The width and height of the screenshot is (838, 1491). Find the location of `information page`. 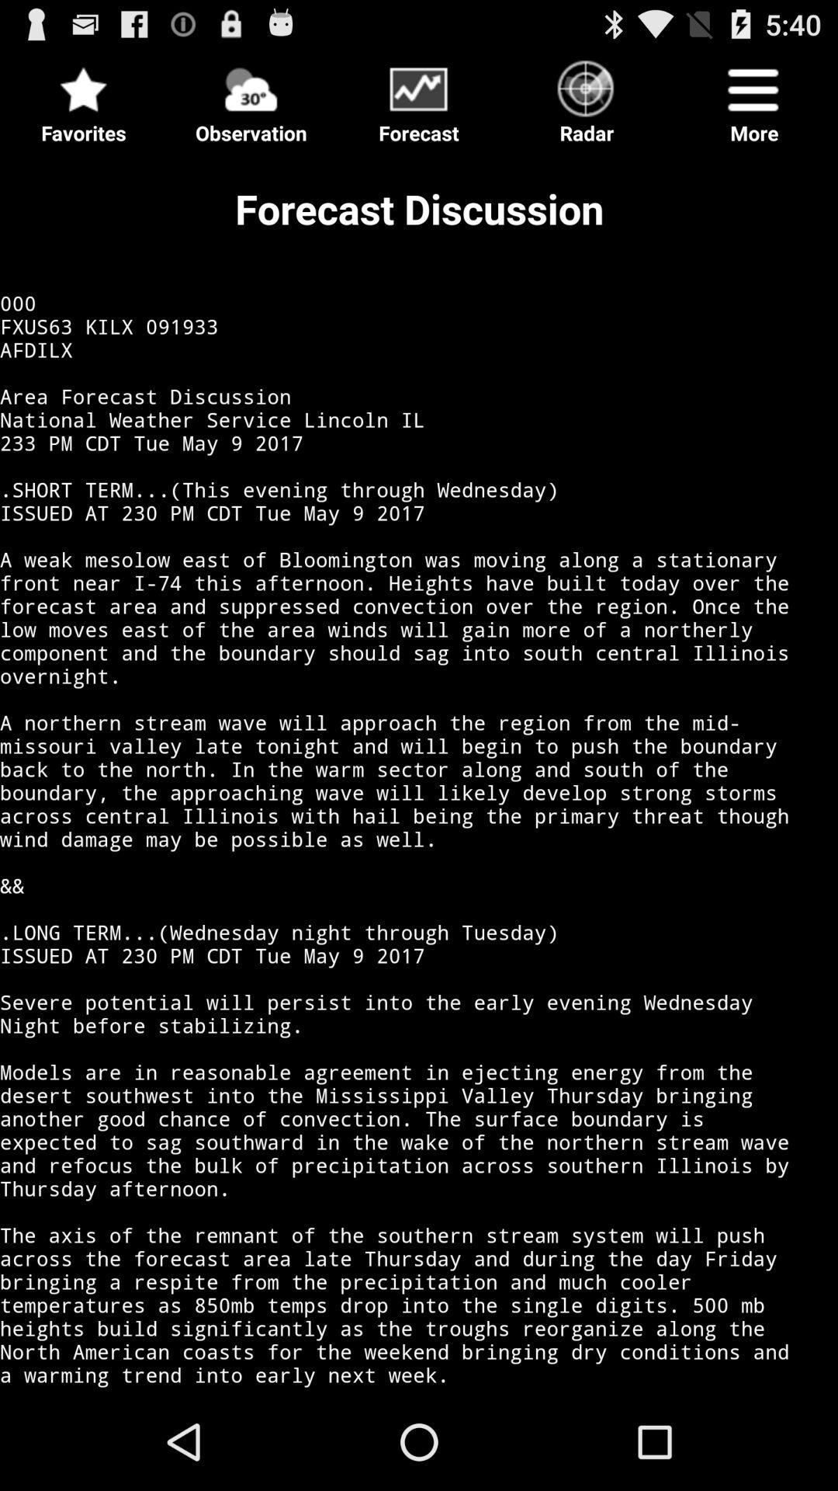

information page is located at coordinates (419, 772).